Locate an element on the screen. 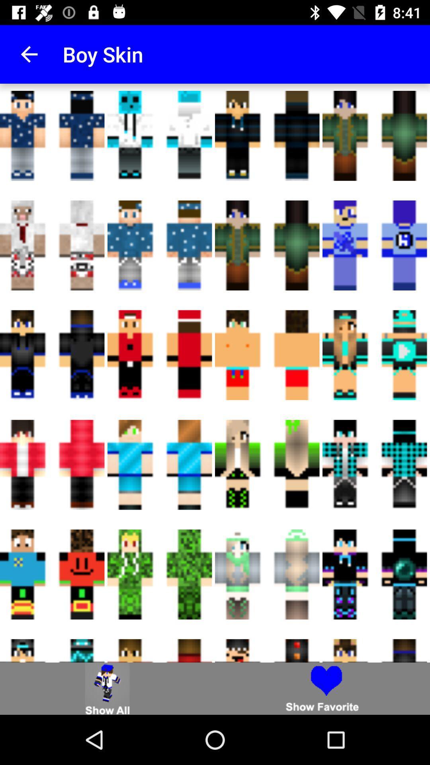 The image size is (430, 765). show all is located at coordinates (107, 688).